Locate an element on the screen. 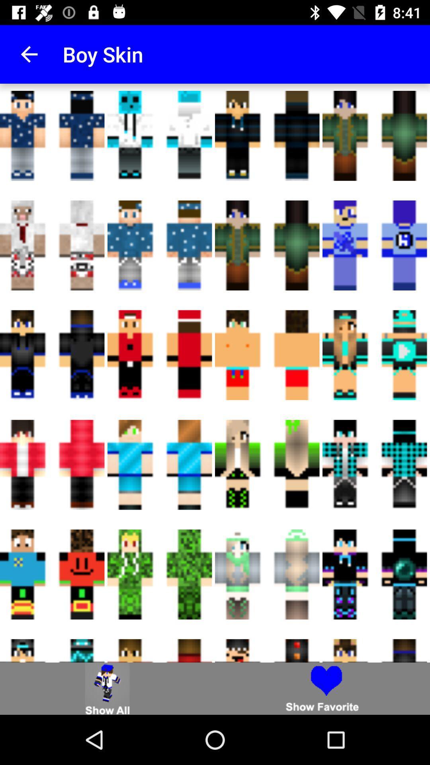 The image size is (430, 765). show all is located at coordinates (107, 688).